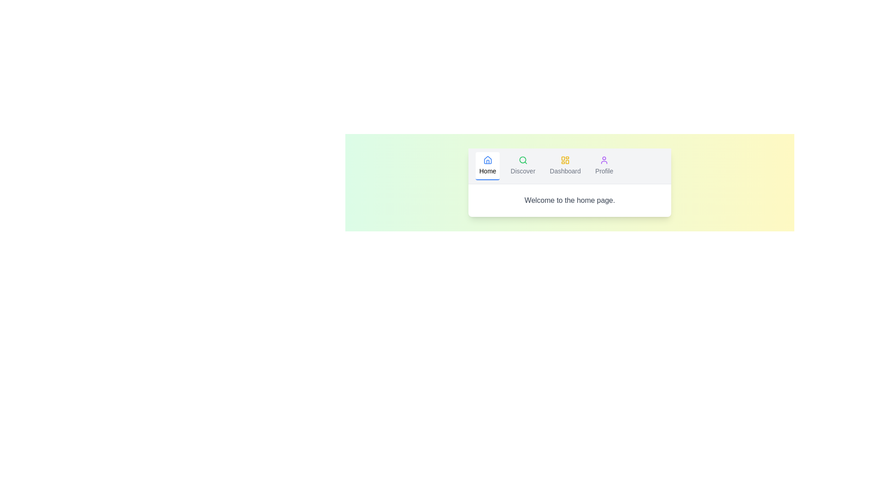  Describe the element at coordinates (523, 166) in the screenshot. I see `the Discover tab to display its content` at that location.